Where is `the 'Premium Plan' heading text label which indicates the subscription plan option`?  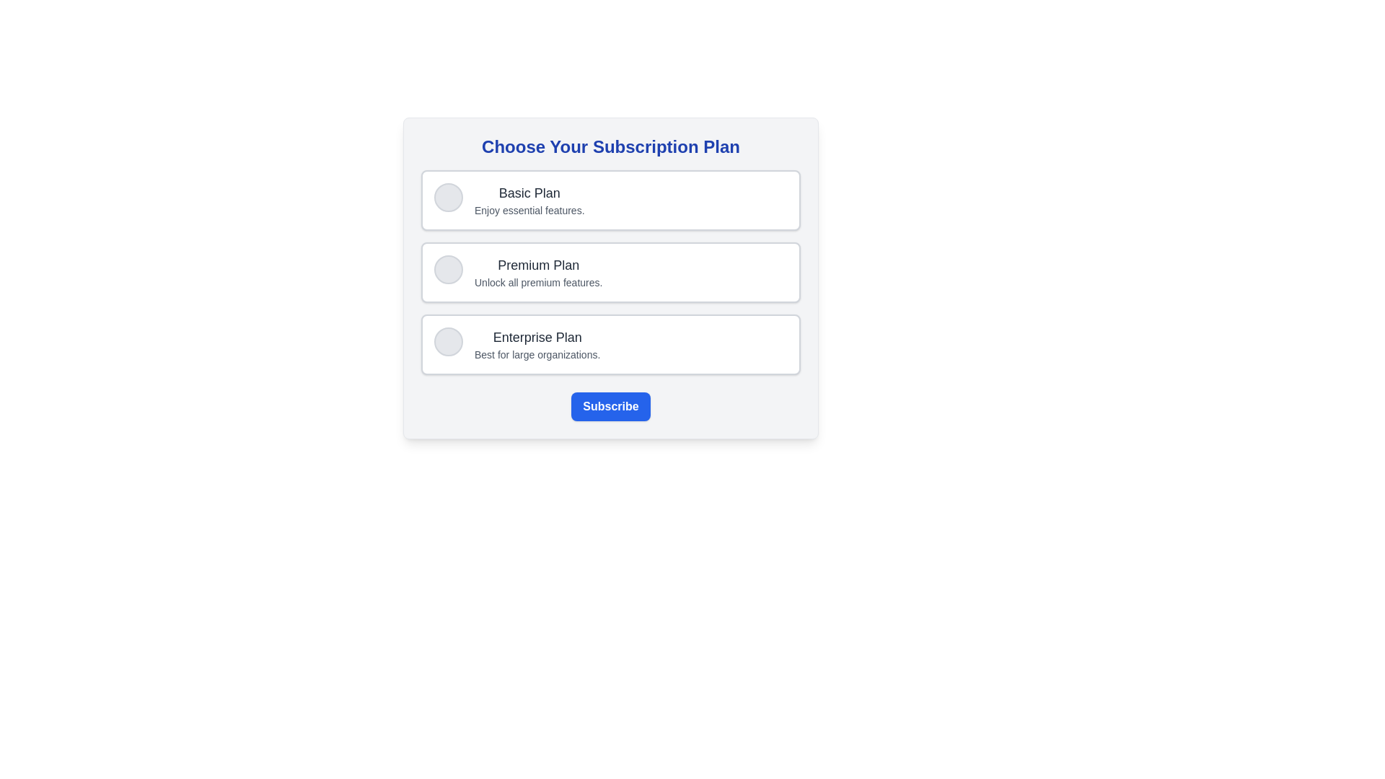
the 'Premium Plan' heading text label which indicates the subscription plan option is located at coordinates (537, 265).